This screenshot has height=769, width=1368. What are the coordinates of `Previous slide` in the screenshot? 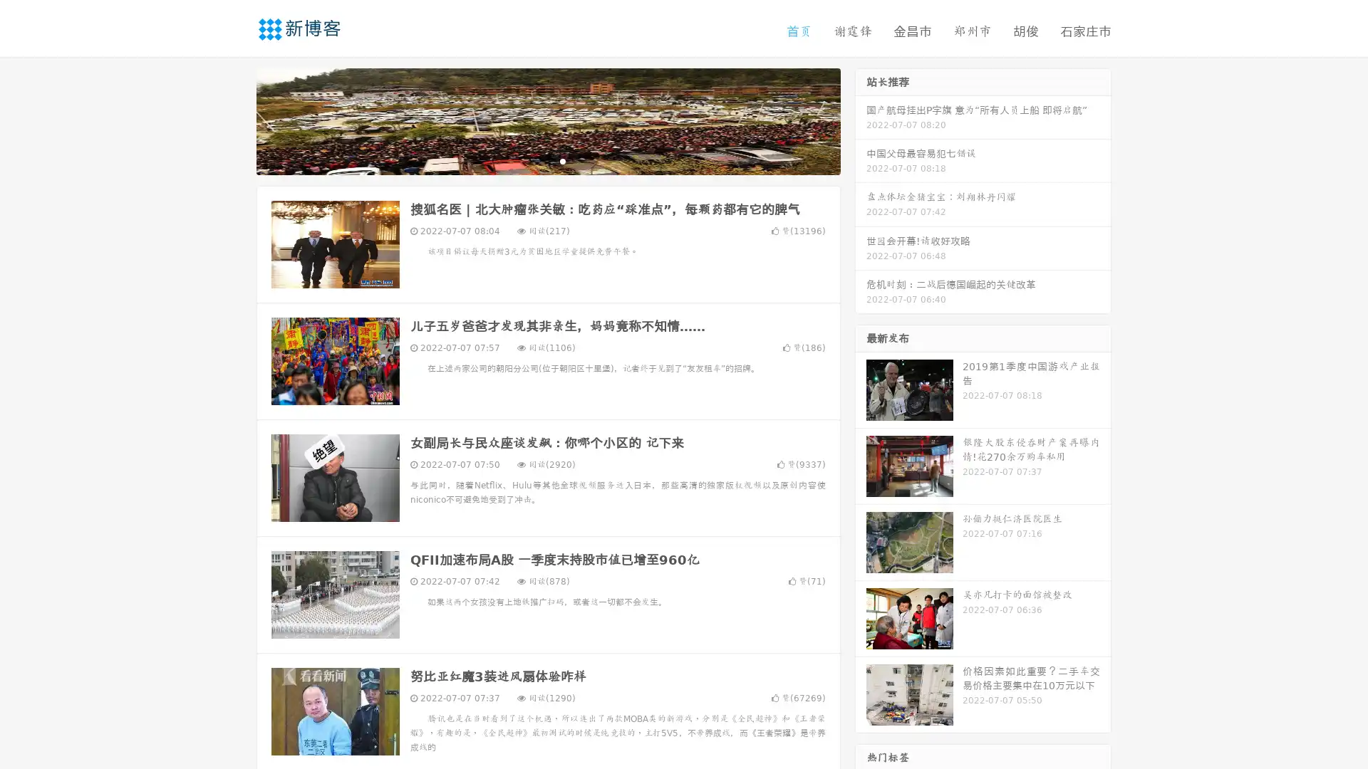 It's located at (235, 120).